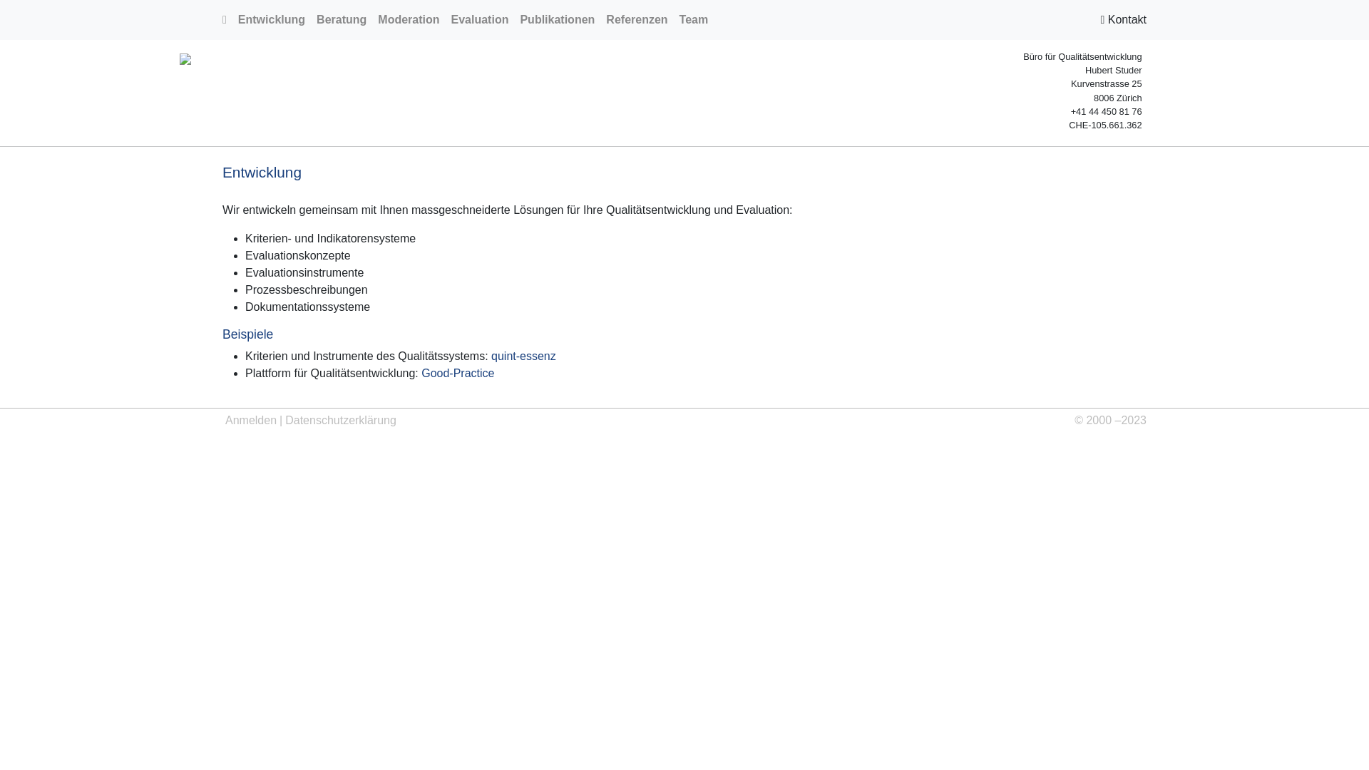 The image size is (1369, 770). What do you see at coordinates (513, 19) in the screenshot?
I see `'Publikationen'` at bounding box center [513, 19].